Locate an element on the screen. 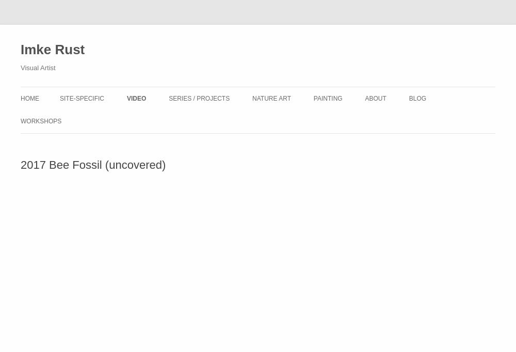  'Site-Specific' is located at coordinates (82, 99).